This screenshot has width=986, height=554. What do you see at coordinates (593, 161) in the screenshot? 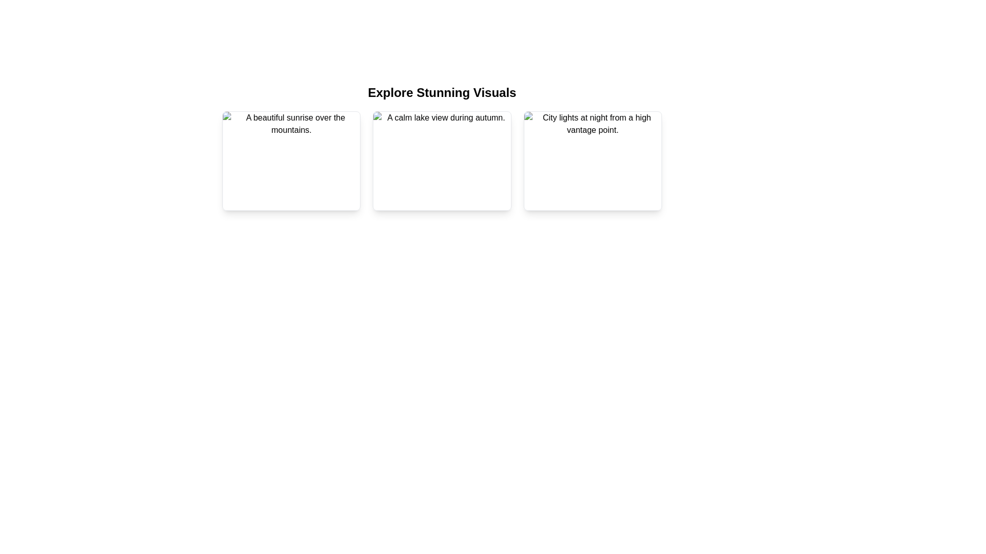
I see `the Content Card that displays information about a high vantage point view of city lights at night, located as the third card in a horizontally aligned grid of three cards` at bounding box center [593, 161].